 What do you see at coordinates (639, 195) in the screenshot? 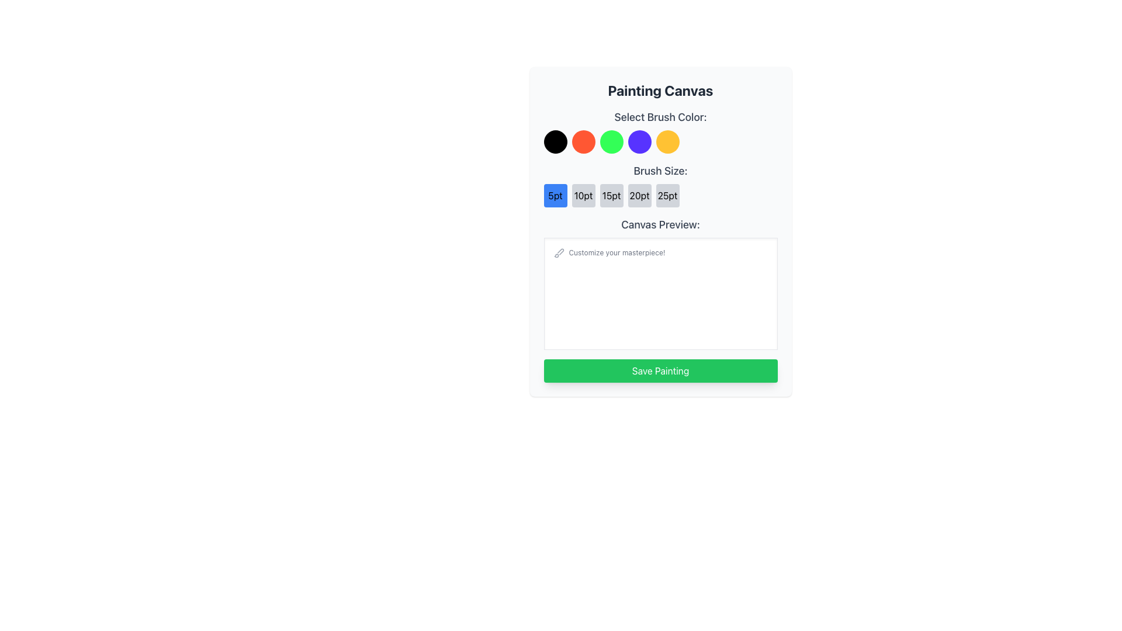
I see `the fourth button in the horizontal row of brush size options located under the label 'Brush Size:'` at bounding box center [639, 195].